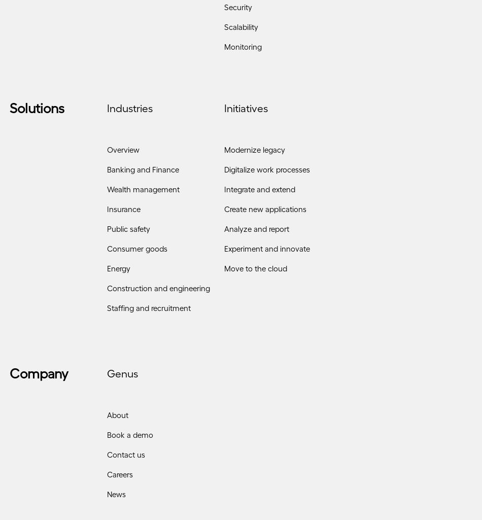 This screenshot has width=482, height=520. I want to click on 'Book a demo', so click(129, 438).